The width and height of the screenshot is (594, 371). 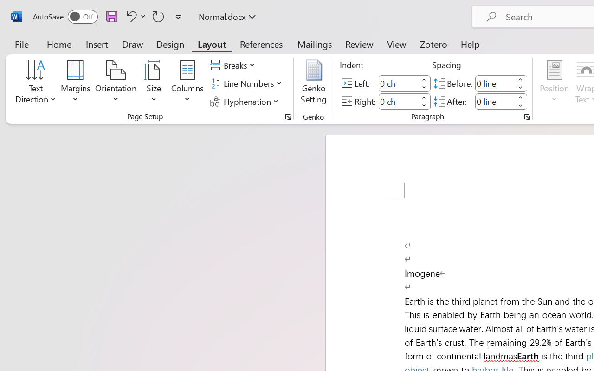 I want to click on 'Breaks', so click(x=234, y=65).